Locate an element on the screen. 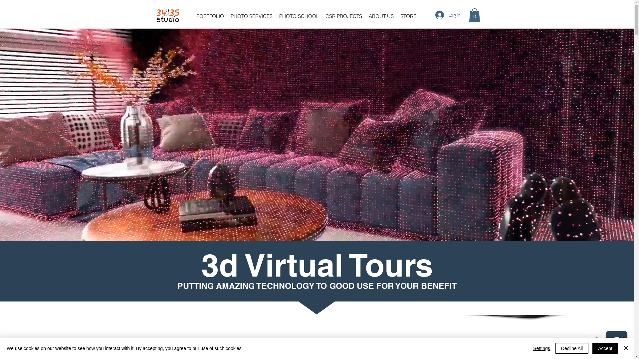  '34 35 studio Home Page' is located at coordinates (153, 16).